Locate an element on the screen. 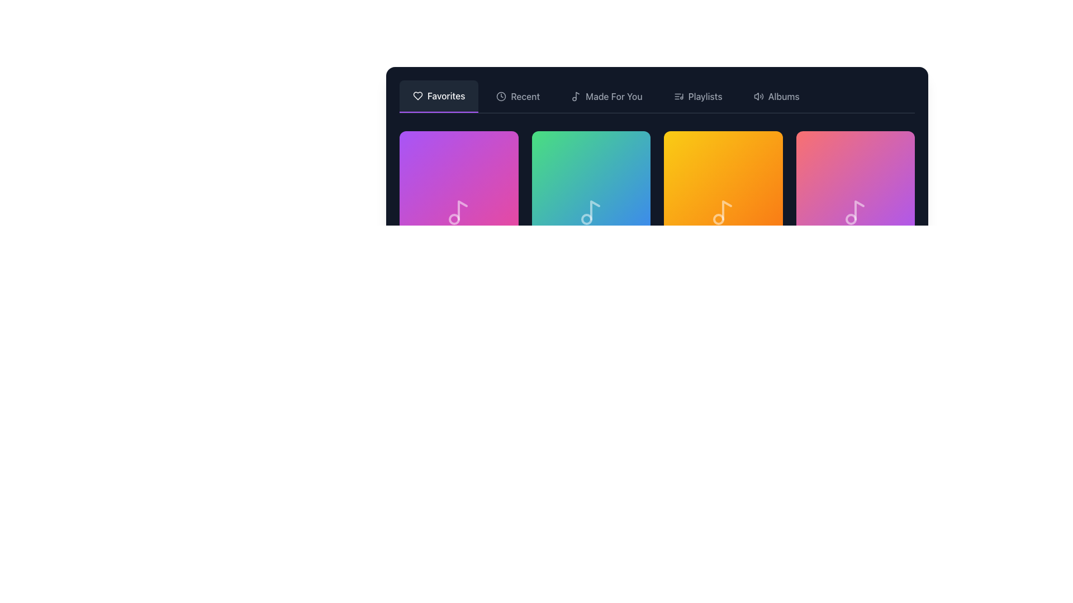 The width and height of the screenshot is (1073, 603). the clock icon located to the left of the 'Recent' text label in the horizontal navigation bar is located at coordinates (501, 96).